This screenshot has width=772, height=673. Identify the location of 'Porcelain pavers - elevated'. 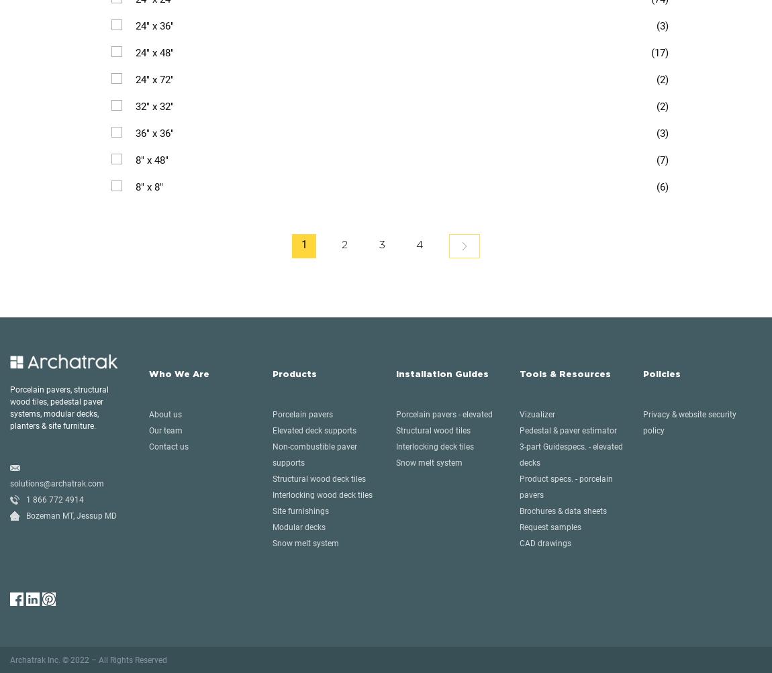
(443, 414).